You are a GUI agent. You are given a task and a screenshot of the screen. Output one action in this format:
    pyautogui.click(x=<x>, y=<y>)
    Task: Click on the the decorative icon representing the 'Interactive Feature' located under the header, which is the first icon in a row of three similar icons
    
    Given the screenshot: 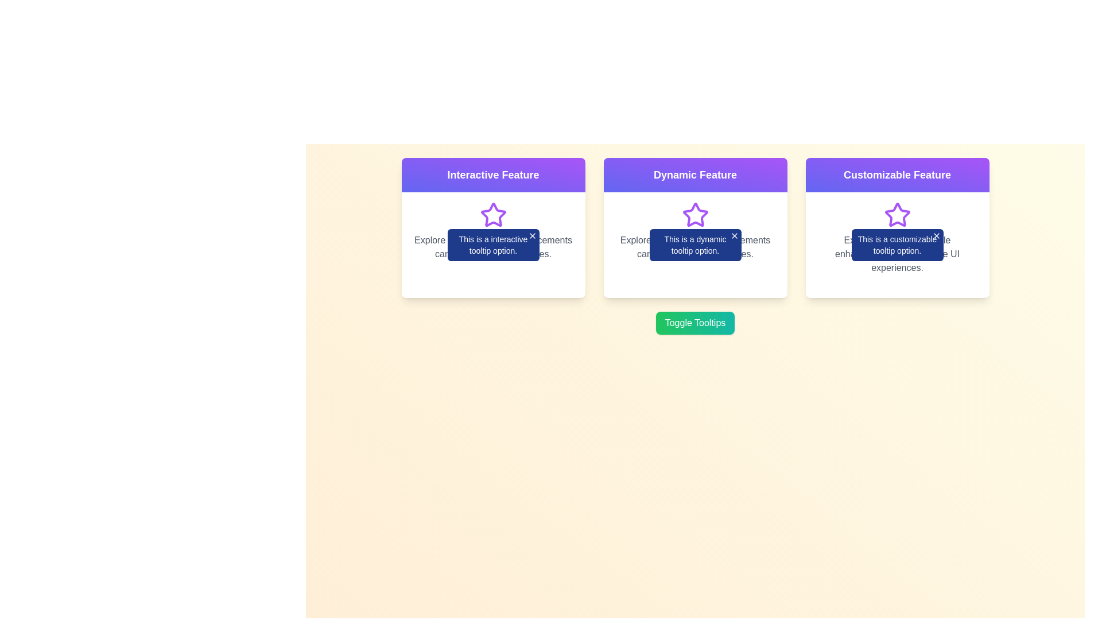 What is the action you would take?
    pyautogui.click(x=493, y=215)
    